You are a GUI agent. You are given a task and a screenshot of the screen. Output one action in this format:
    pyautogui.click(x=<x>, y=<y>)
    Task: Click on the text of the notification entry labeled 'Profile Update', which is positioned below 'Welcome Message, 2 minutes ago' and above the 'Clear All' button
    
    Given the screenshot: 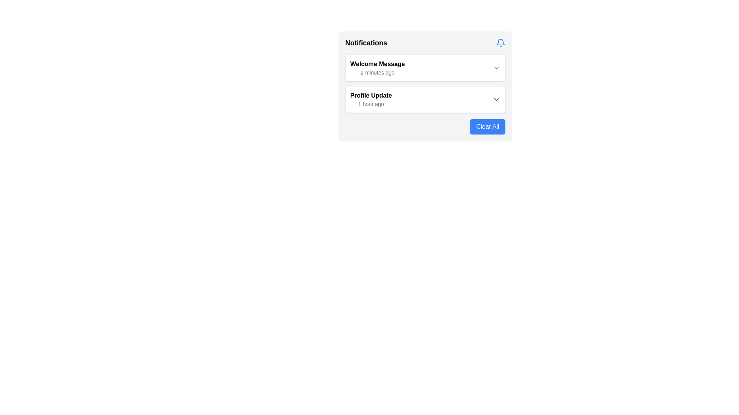 What is the action you would take?
    pyautogui.click(x=371, y=99)
    